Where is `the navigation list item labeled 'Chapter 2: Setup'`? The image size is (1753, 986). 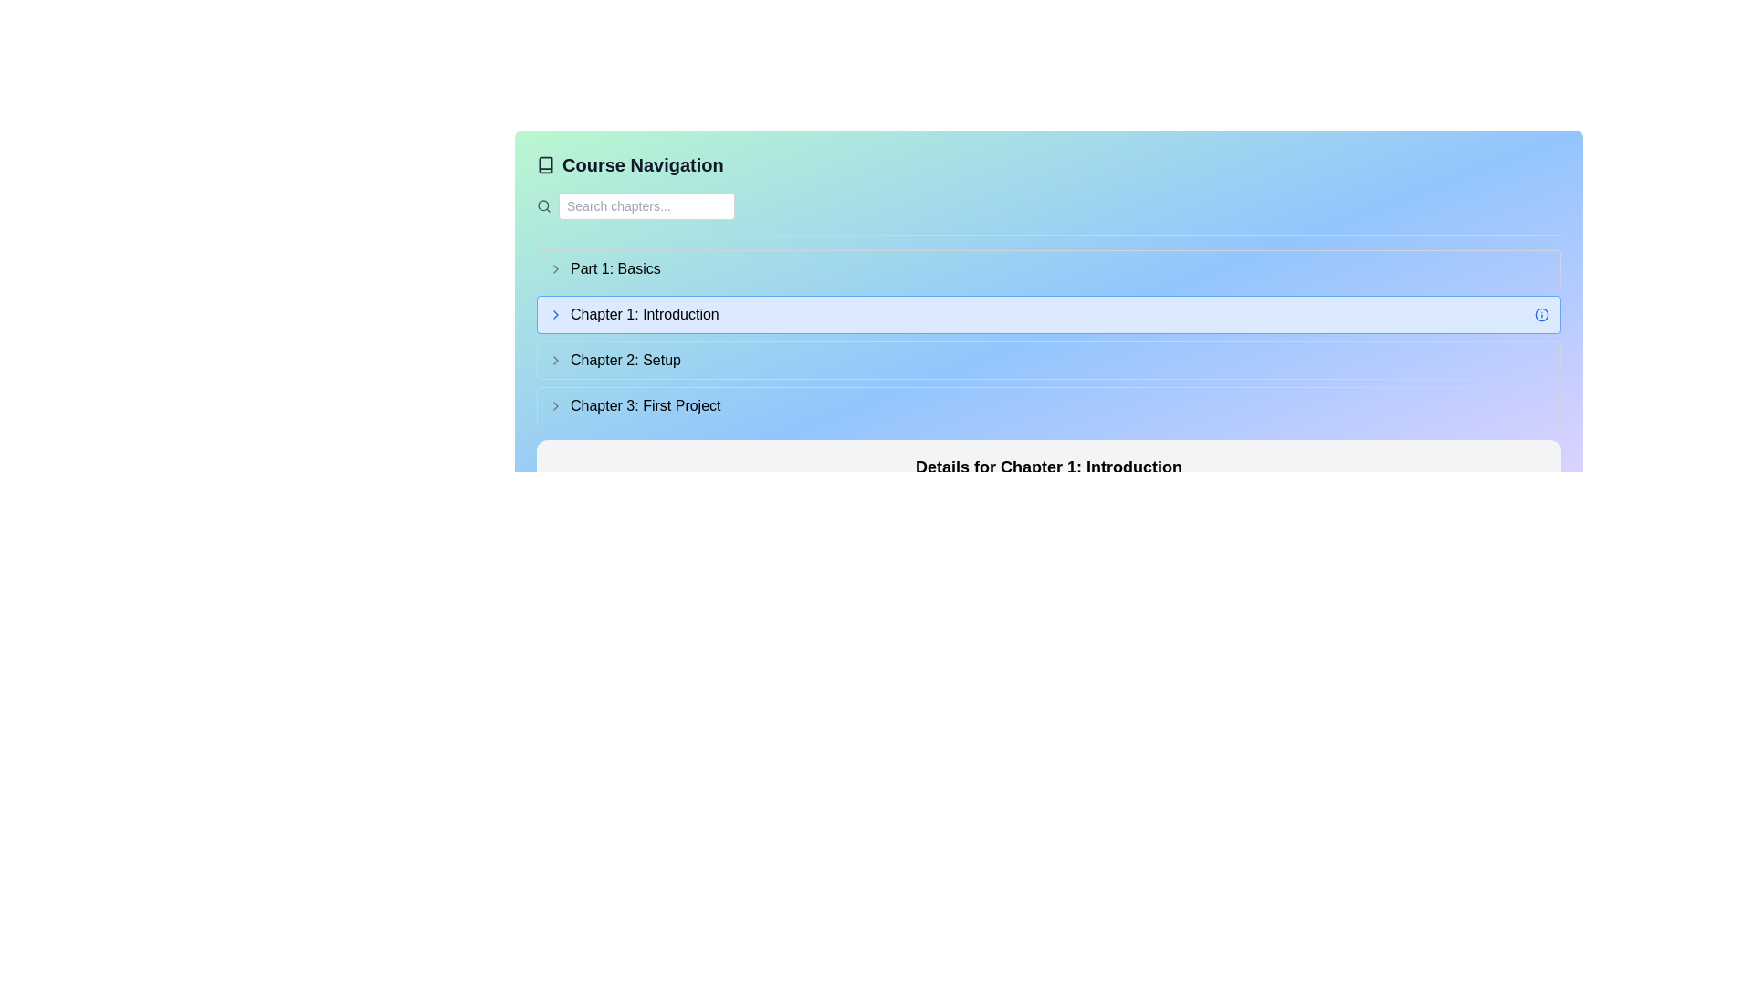 the navigation list item labeled 'Chapter 2: Setup' is located at coordinates (1048, 360).